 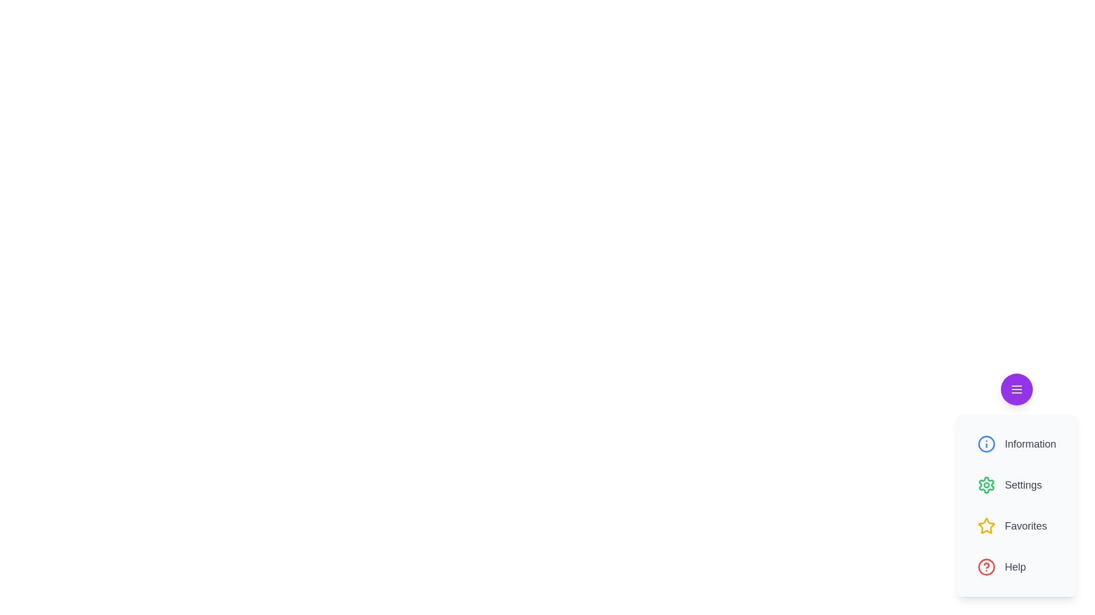 I want to click on the Help button in the menu, so click(x=1016, y=567).